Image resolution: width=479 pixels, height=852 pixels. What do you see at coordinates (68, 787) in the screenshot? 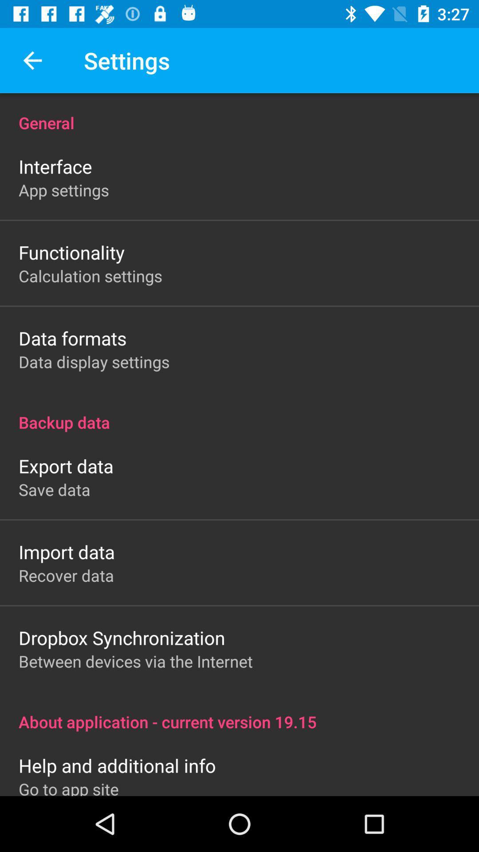
I see `the go to app item` at bounding box center [68, 787].